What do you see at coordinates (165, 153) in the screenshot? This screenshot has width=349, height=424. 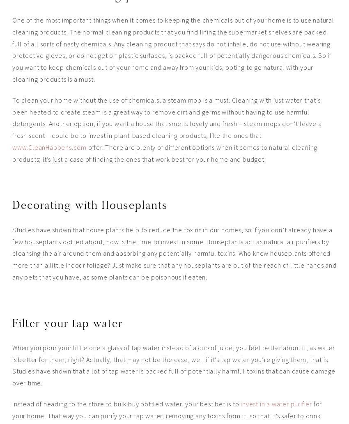 I see `'offer. There are plenty of different options when it comes to natural cleaning products; it’s just a case of finding the ones that work best for your home and budget.'` at bounding box center [165, 153].